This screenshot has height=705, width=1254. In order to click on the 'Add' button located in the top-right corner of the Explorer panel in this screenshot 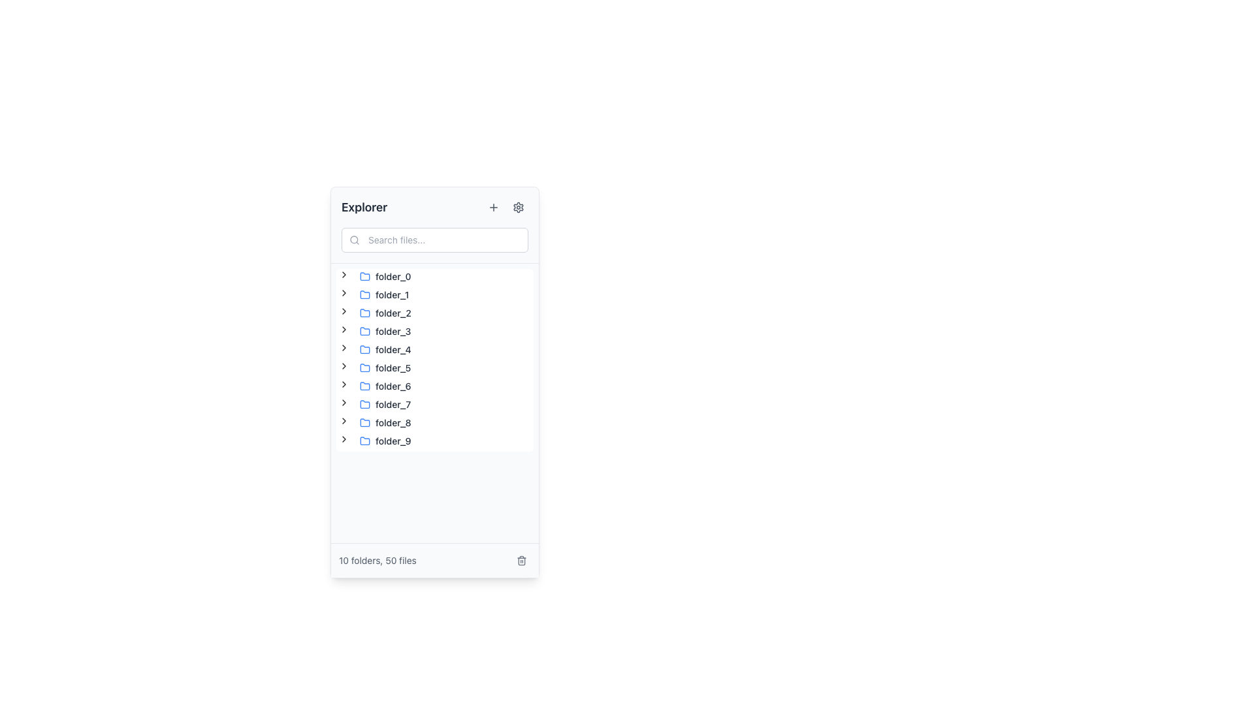, I will do `click(492, 206)`.